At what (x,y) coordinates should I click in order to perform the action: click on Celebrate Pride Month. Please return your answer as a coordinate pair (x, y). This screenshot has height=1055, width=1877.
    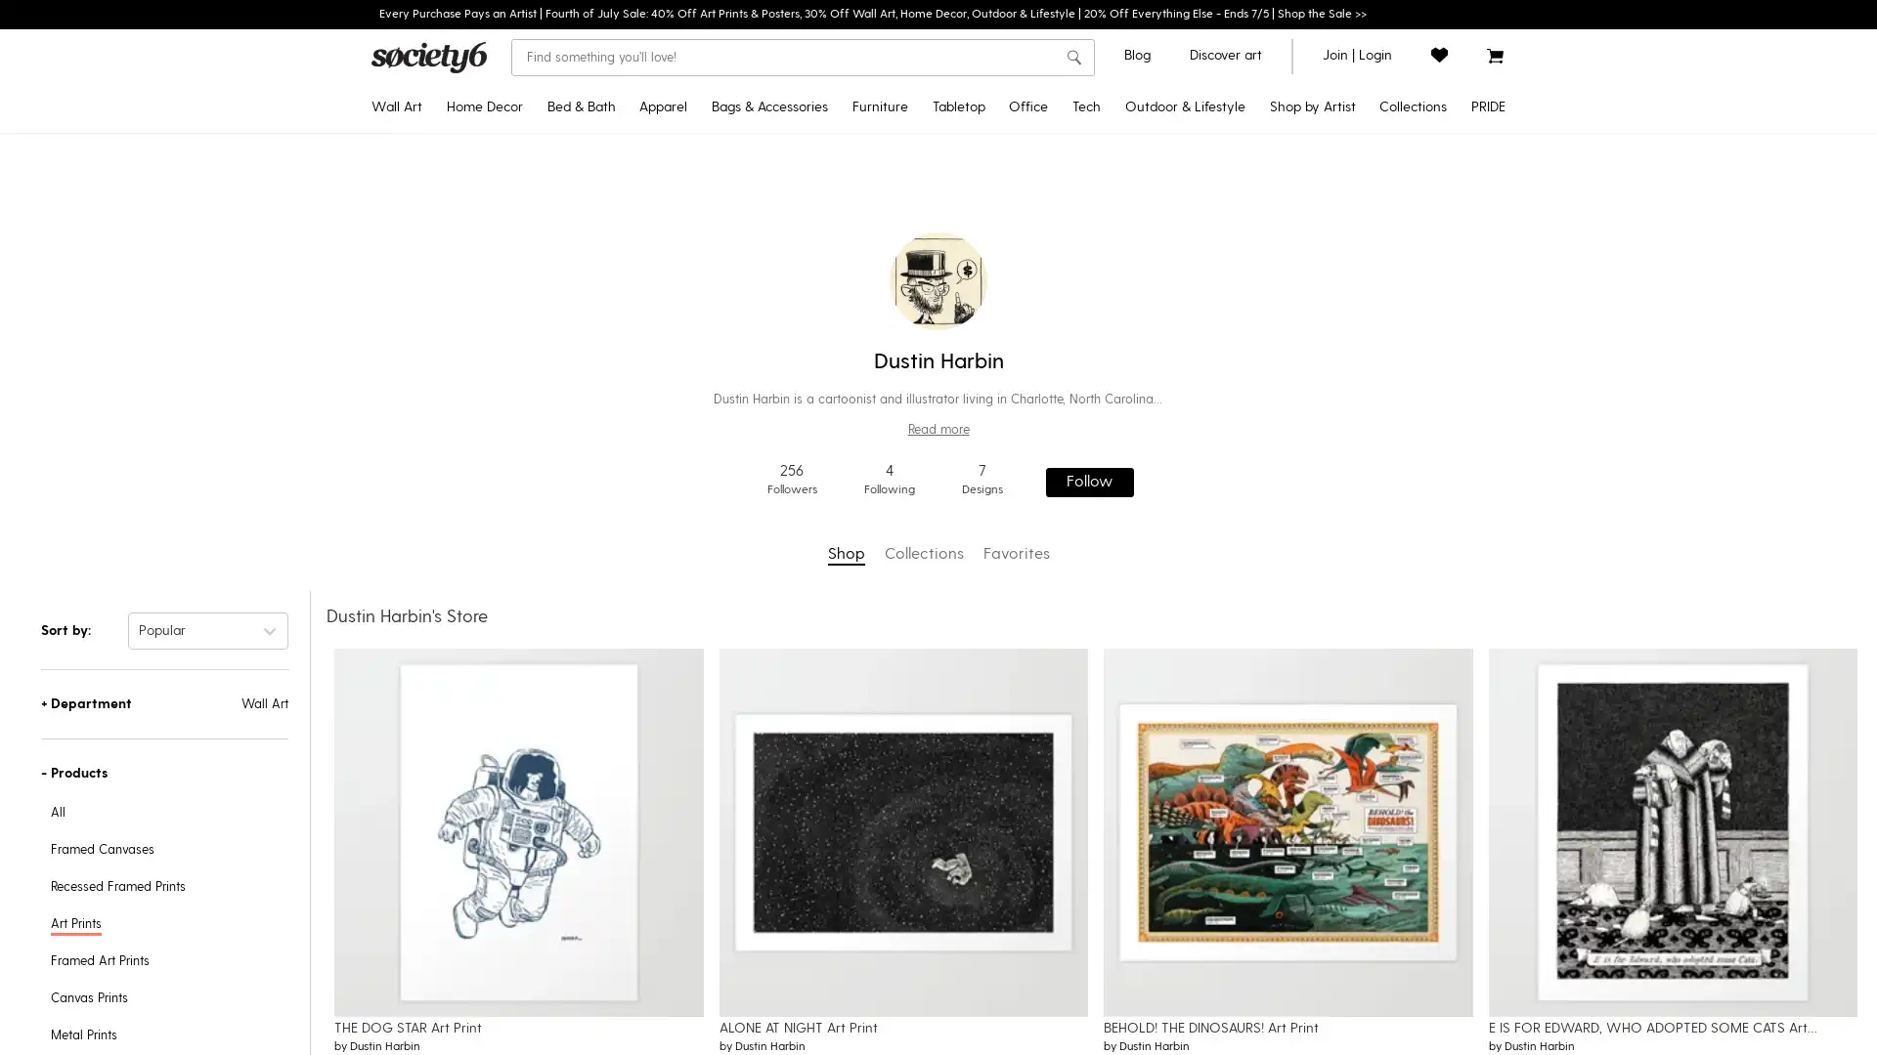
    Looking at the image, I should click on (1410, 156).